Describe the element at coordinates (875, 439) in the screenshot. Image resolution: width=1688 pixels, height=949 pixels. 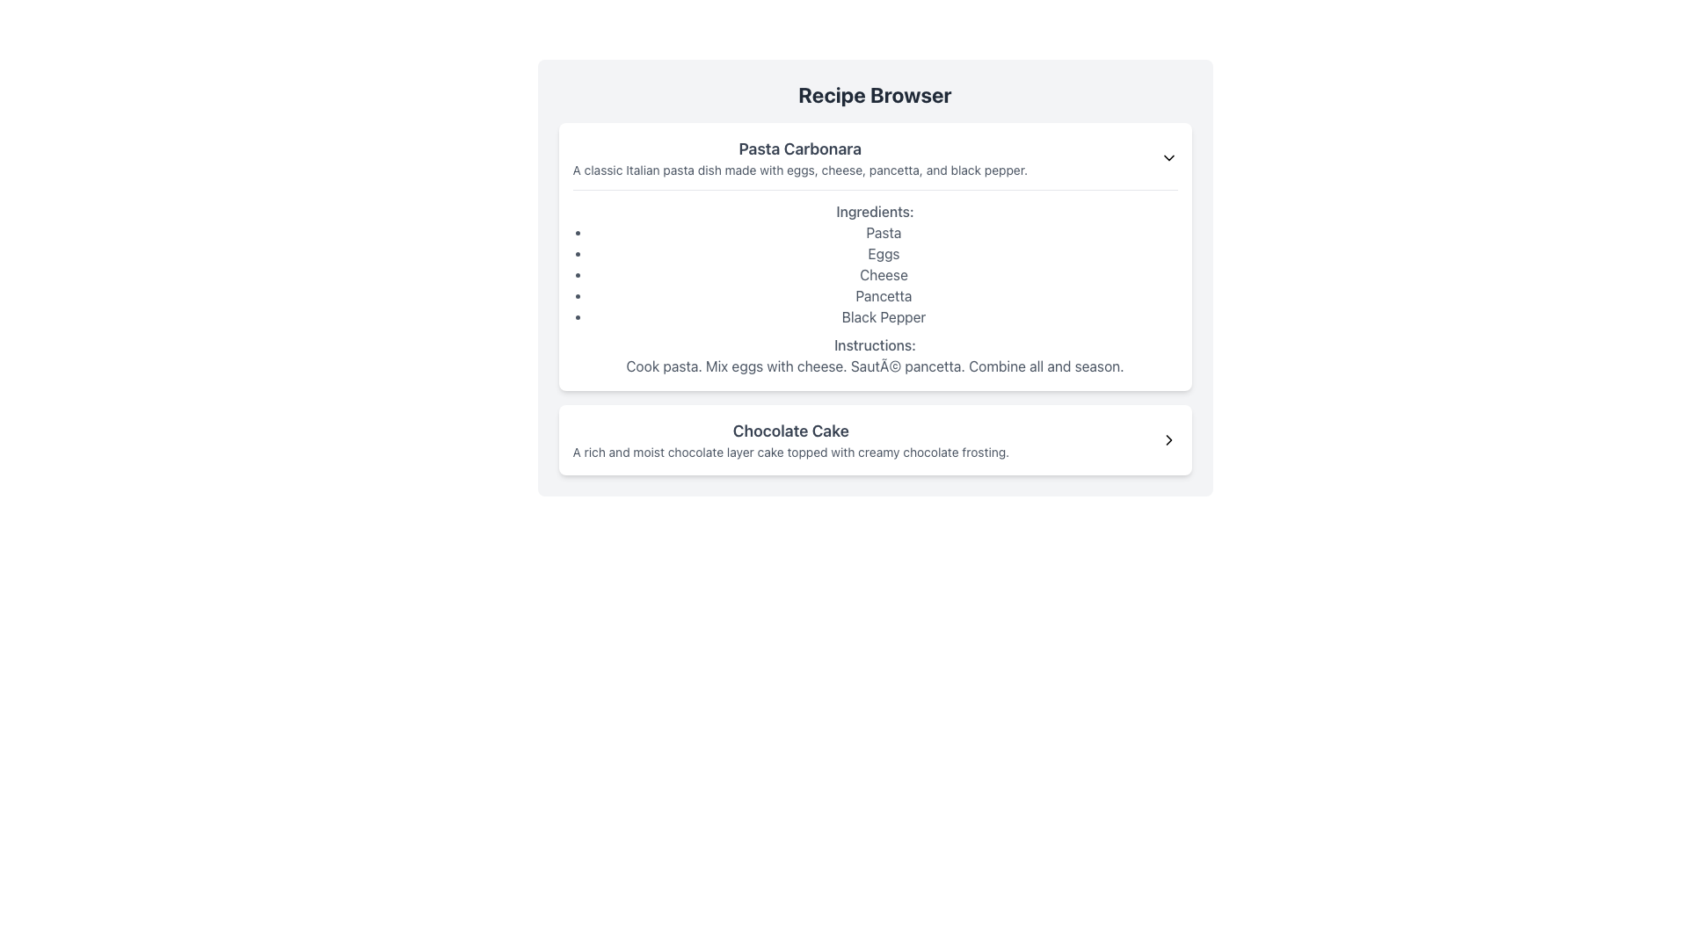
I see `the 'Chocolate Cake' list item` at that location.